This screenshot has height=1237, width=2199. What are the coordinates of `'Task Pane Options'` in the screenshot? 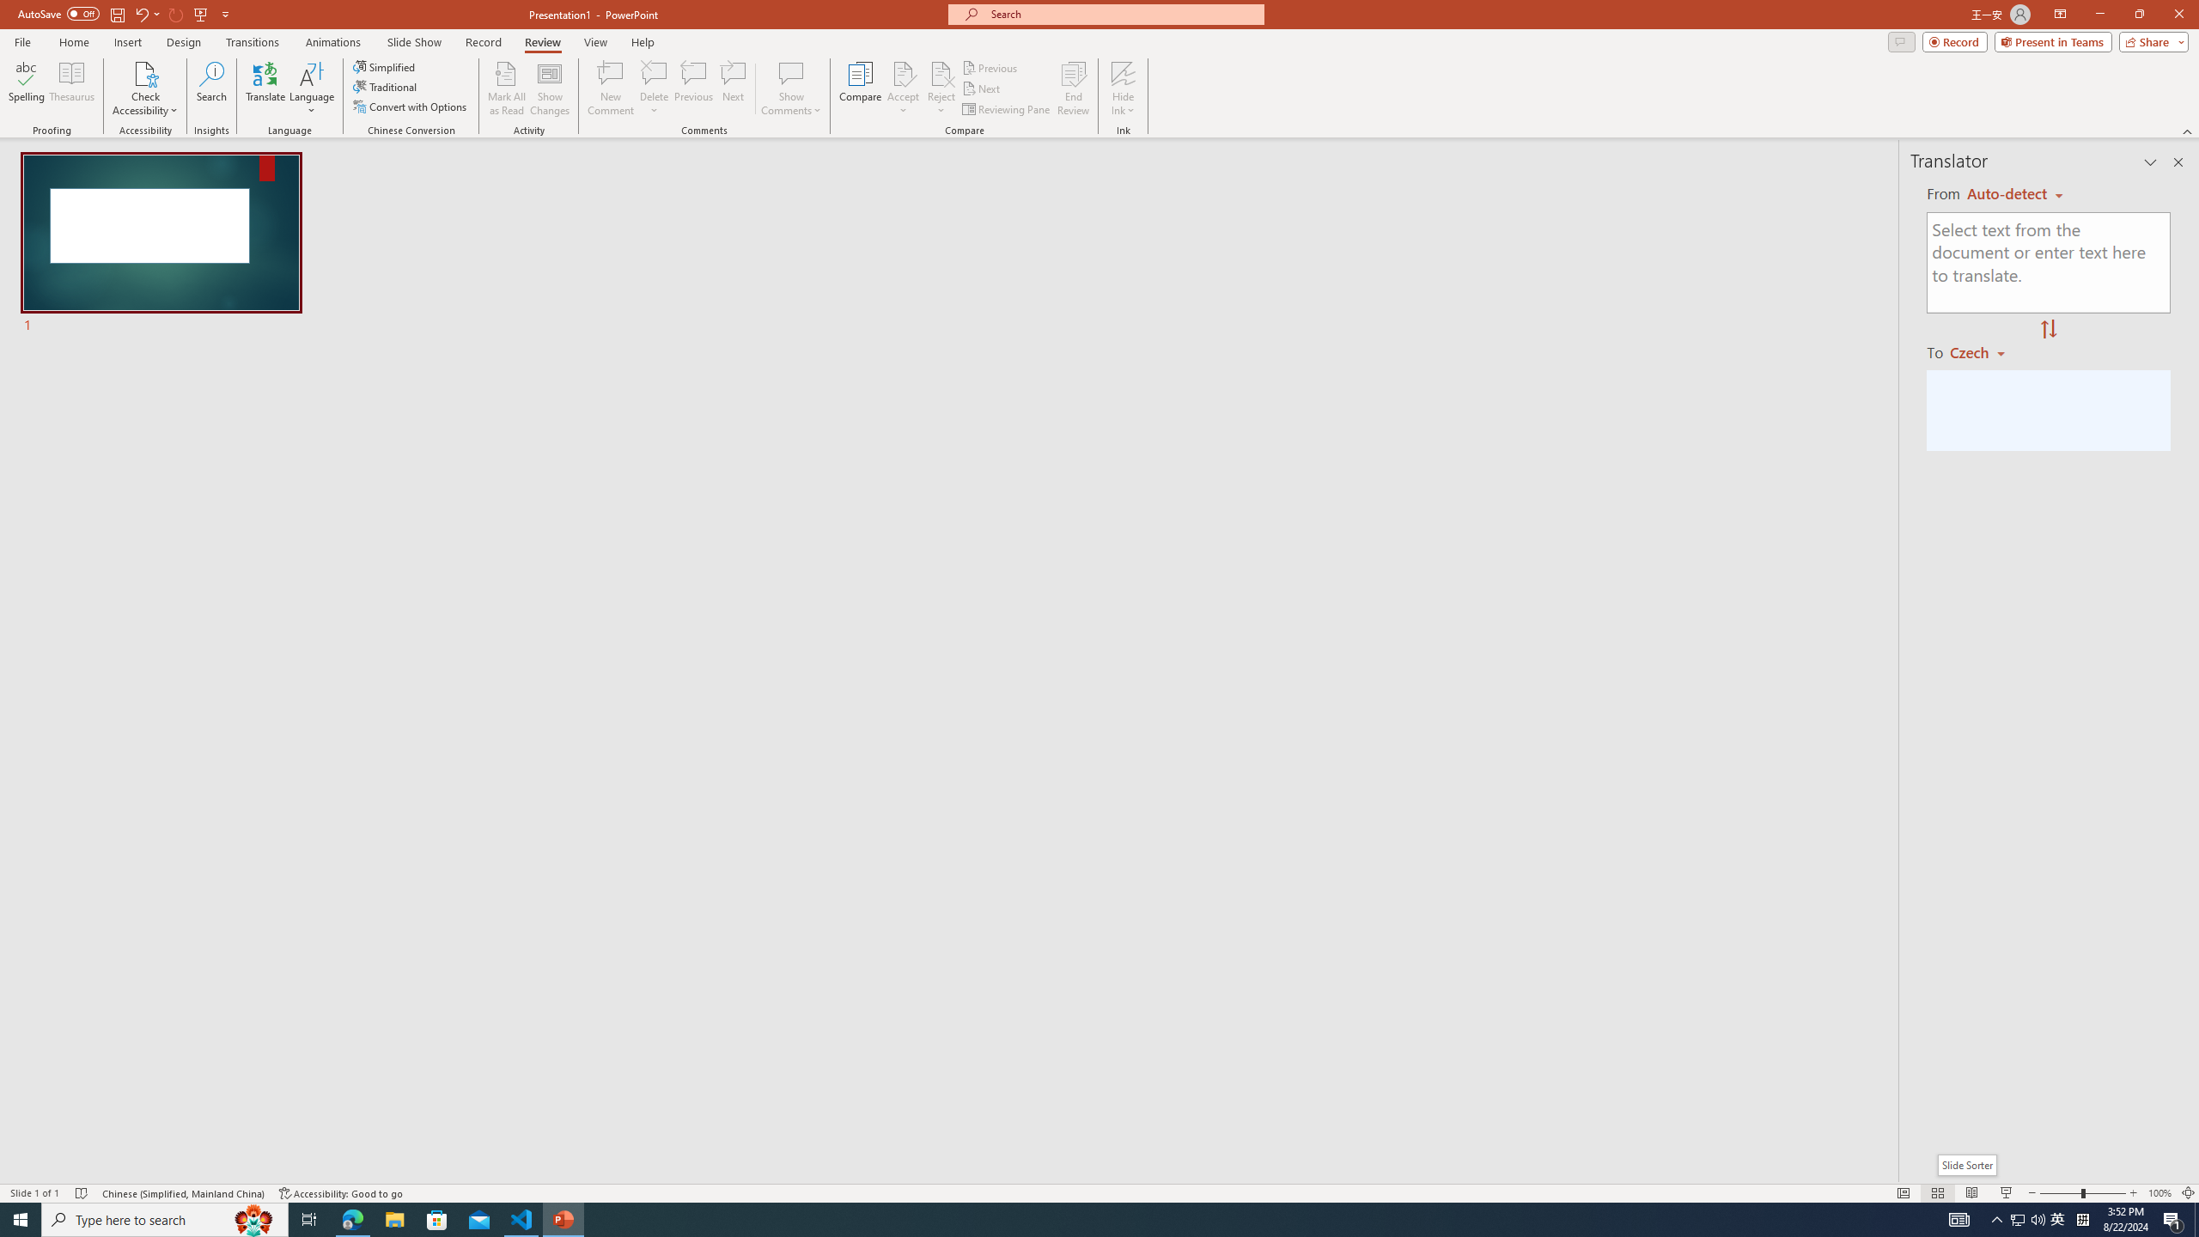 It's located at (2149, 161).